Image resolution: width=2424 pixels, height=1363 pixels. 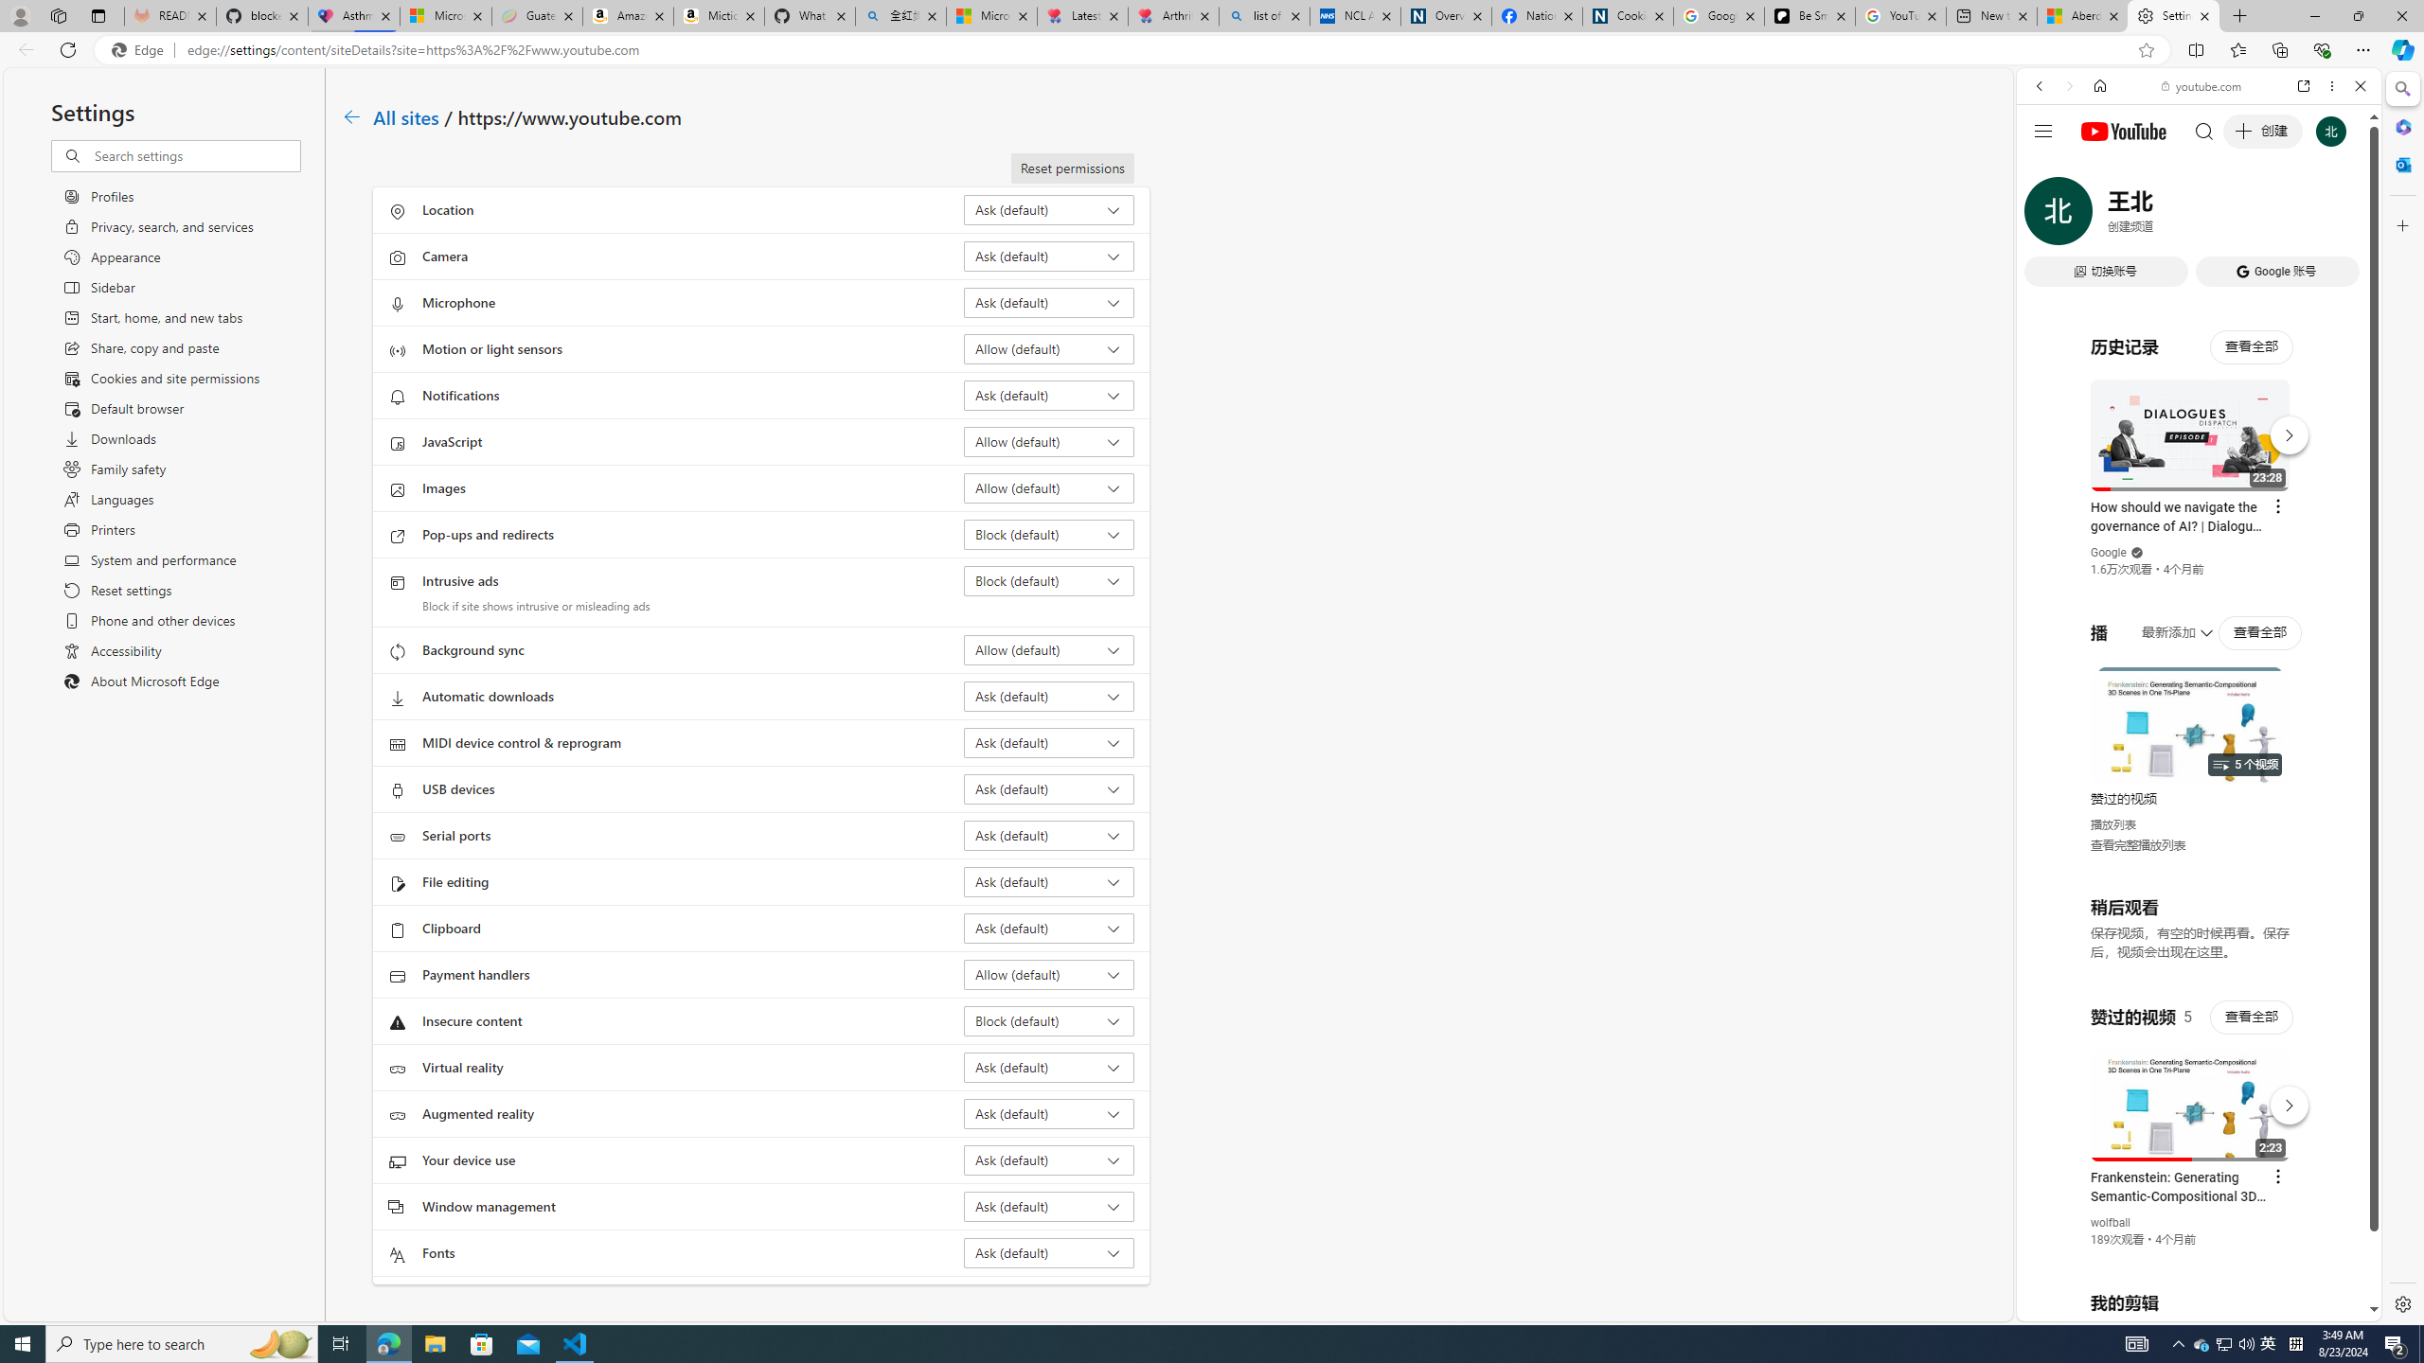 What do you see at coordinates (352, 15) in the screenshot?
I see `'Asthma Inhalers: Names and Types'` at bounding box center [352, 15].